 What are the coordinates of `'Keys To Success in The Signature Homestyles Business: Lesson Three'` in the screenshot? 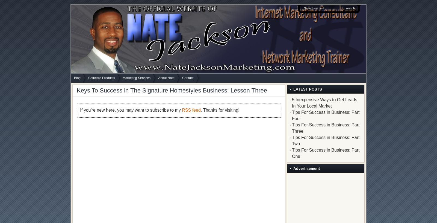 It's located at (172, 90).